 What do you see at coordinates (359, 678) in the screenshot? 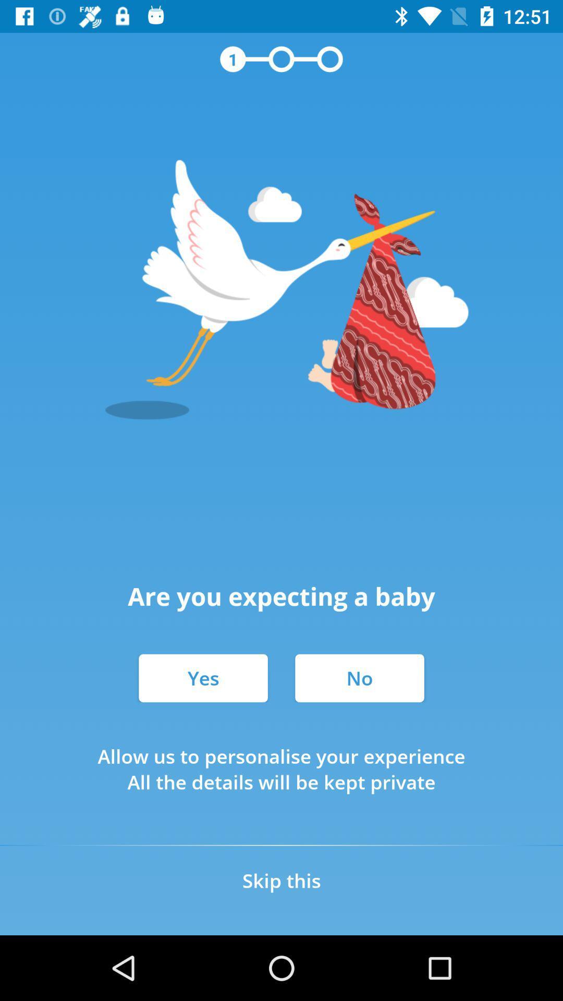
I see `the item to the right of yes item` at bounding box center [359, 678].